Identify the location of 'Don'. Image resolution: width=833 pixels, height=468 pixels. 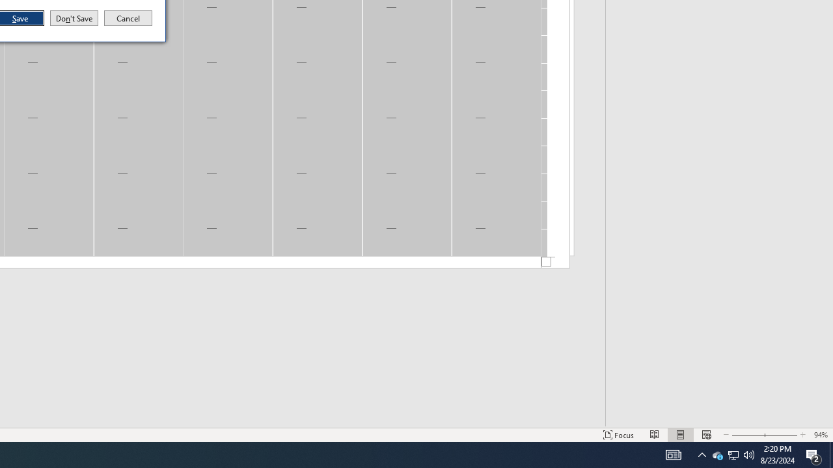
(73, 18).